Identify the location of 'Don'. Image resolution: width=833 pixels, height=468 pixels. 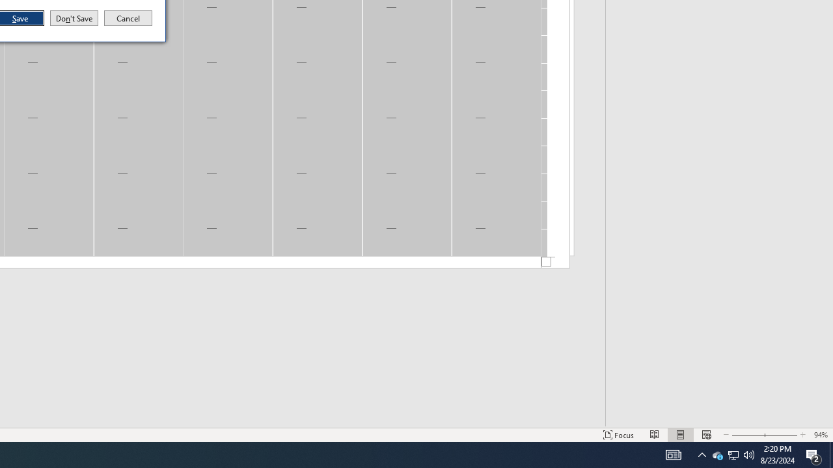
(73, 18).